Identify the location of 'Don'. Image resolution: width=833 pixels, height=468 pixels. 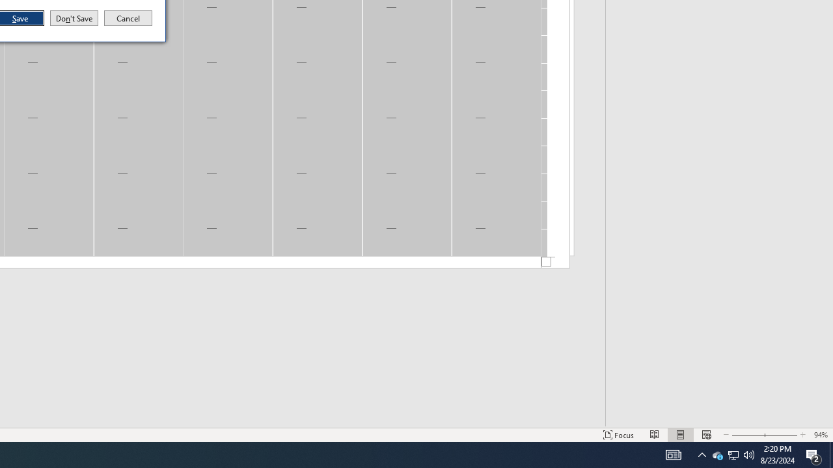
(73, 18).